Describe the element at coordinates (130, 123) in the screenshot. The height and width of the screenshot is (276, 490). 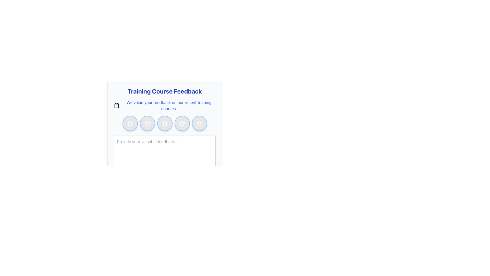
I see `the 1-star rating button in the feedback rating system` at that location.